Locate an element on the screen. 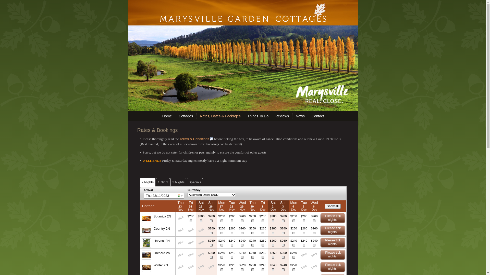  'Terms & Conditions' is located at coordinates (196, 139).